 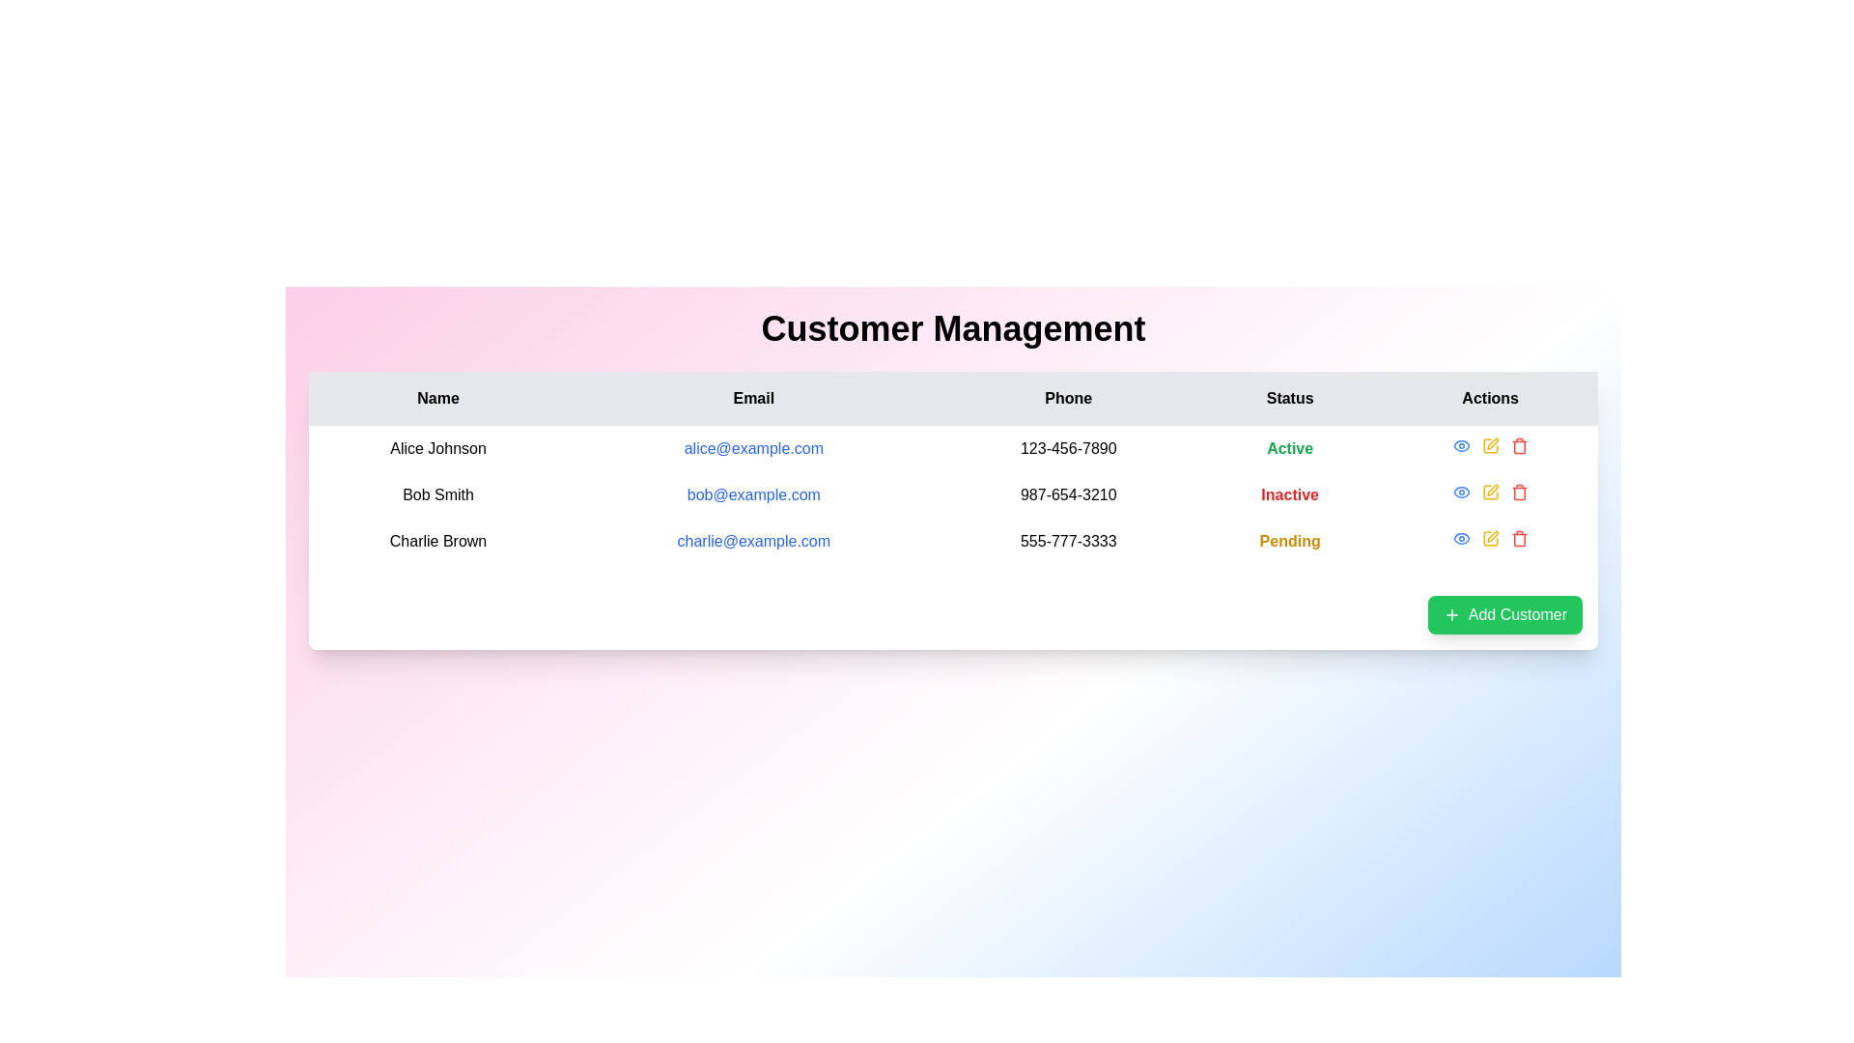 What do you see at coordinates (1489, 491) in the screenshot?
I see `the vector graphic icon shaped as a square with rounded corners, located in the 'Actions' column of the second row corresponding to Bob Smith's entry` at bounding box center [1489, 491].